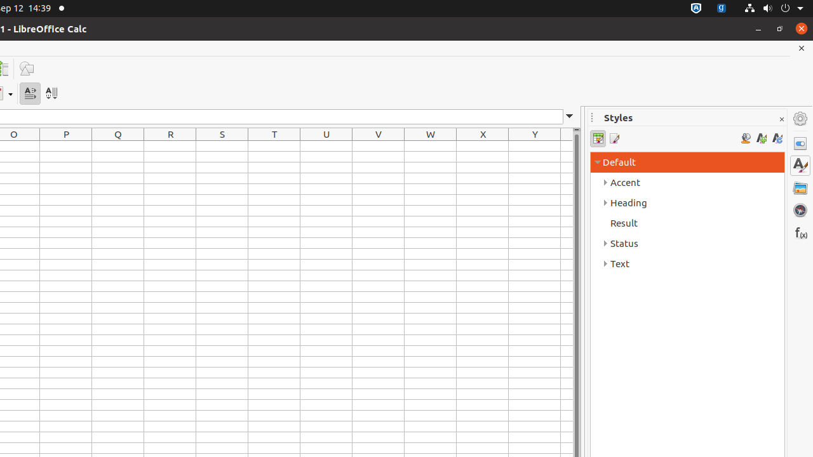 The image size is (813, 457). Describe the element at coordinates (566, 145) in the screenshot. I see `'Z1'` at that location.